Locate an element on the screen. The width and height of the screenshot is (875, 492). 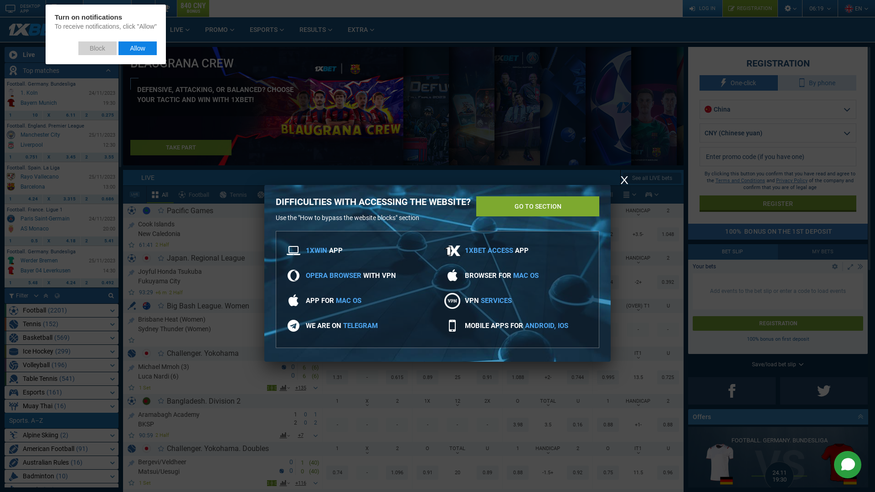
'PROMO' is located at coordinates (220, 29).